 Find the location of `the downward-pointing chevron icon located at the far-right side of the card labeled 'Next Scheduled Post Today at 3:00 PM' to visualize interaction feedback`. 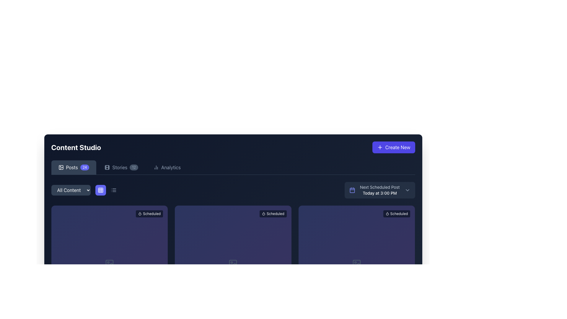

the downward-pointing chevron icon located at the far-right side of the card labeled 'Next Scheduled Post Today at 3:00 PM' to visualize interaction feedback is located at coordinates (407, 190).